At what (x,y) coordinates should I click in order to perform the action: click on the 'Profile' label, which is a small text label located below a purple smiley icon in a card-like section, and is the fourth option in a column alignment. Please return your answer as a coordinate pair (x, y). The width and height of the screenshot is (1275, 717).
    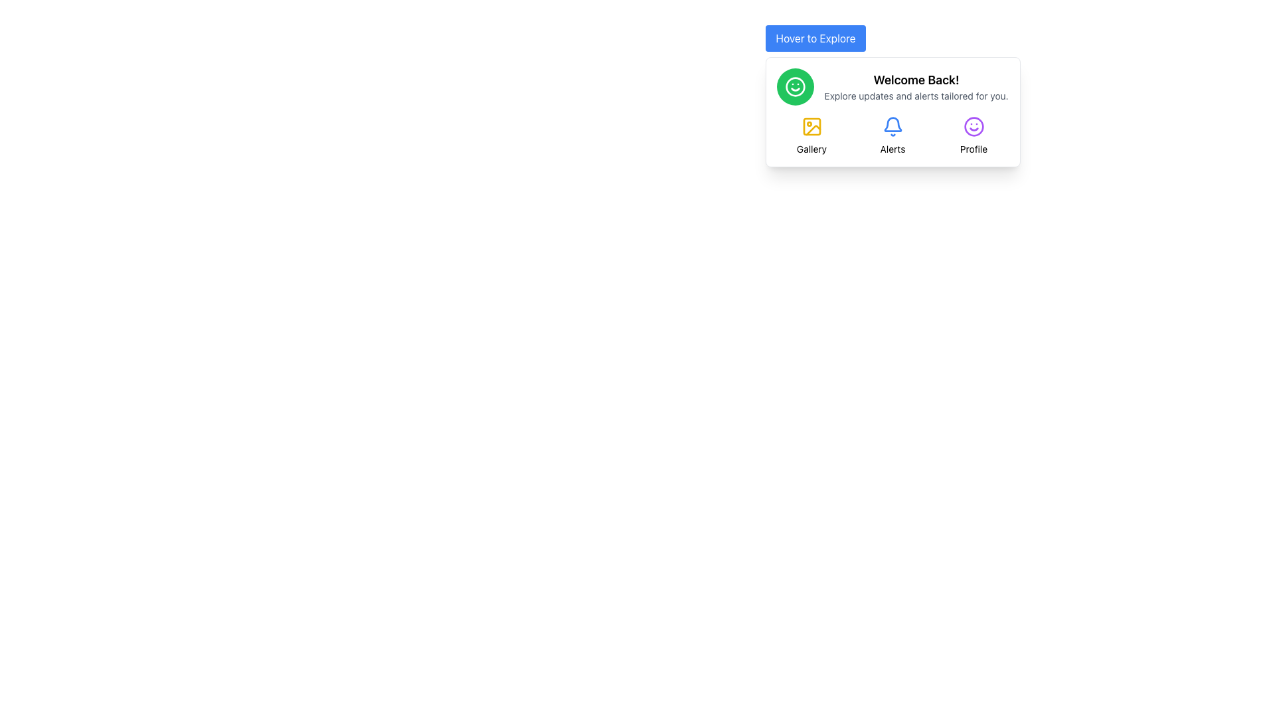
    Looking at the image, I should click on (974, 149).